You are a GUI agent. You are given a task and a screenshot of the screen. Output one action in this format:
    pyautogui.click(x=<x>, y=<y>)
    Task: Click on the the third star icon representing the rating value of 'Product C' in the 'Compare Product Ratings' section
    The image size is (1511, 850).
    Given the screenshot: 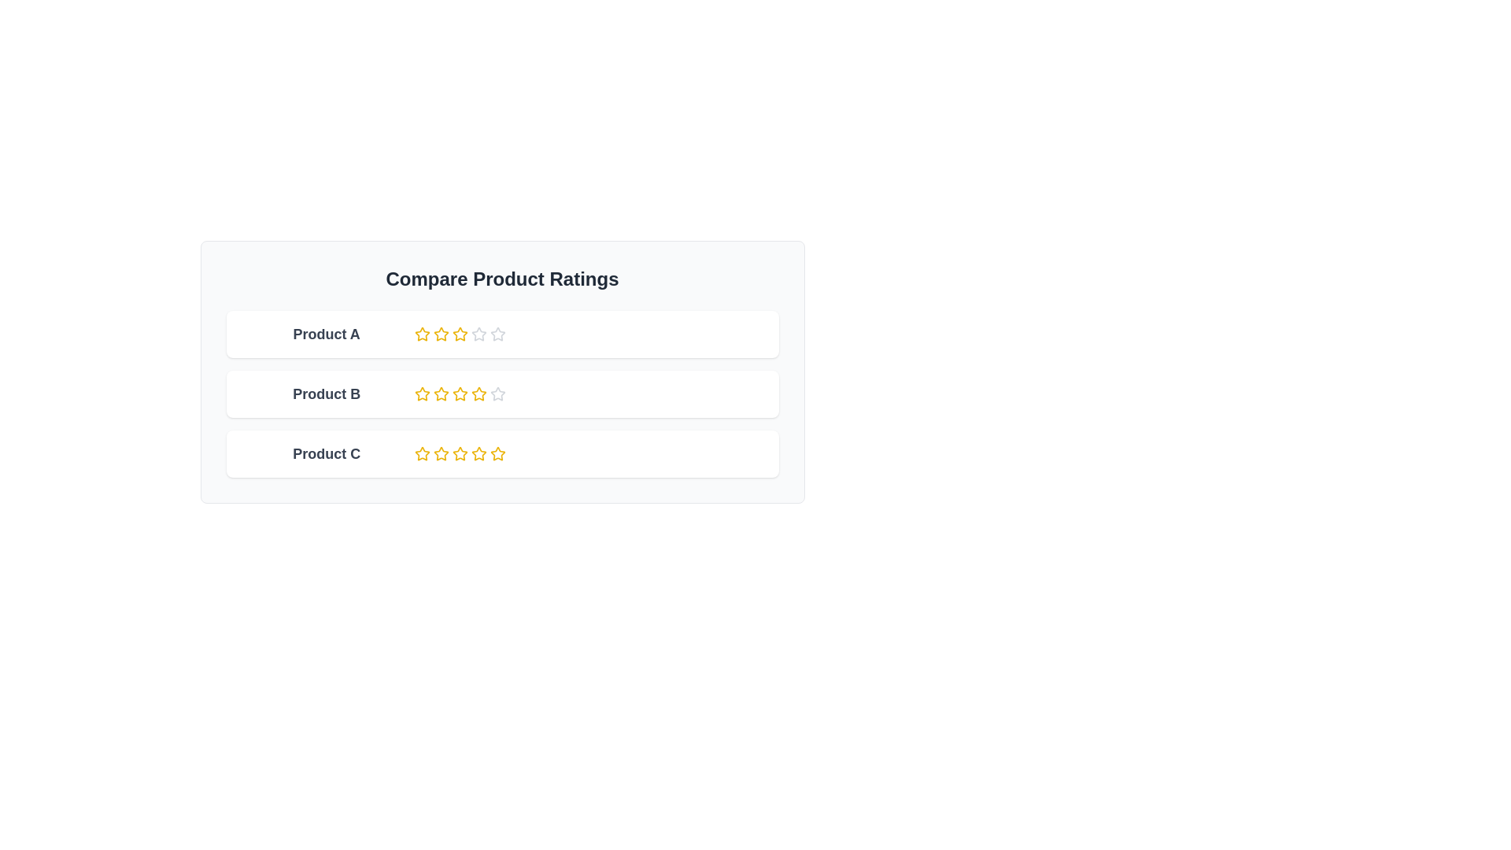 What is the action you would take?
    pyautogui.click(x=459, y=454)
    